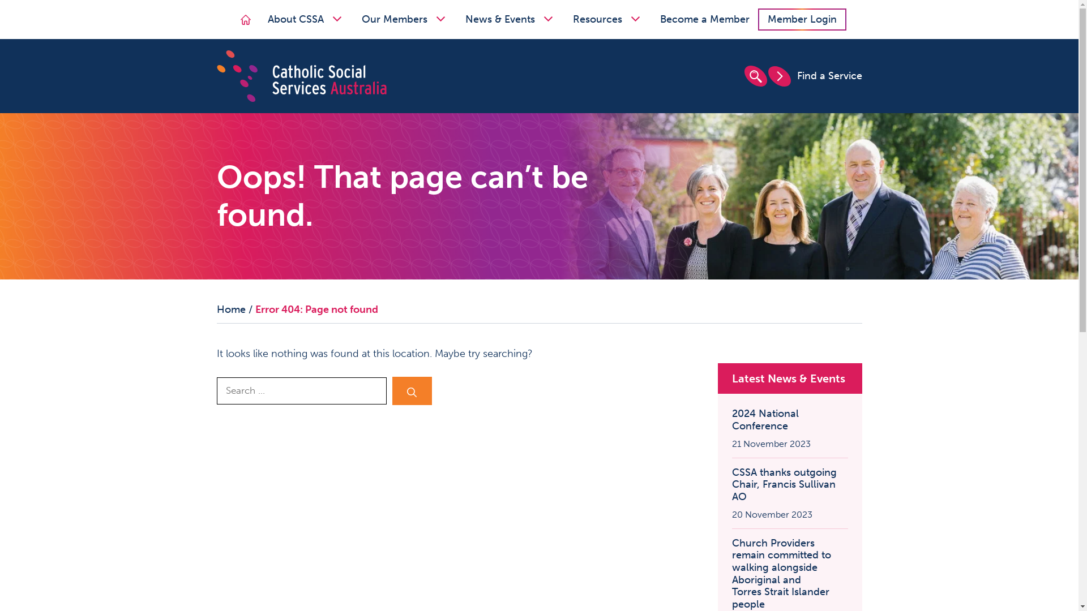 This screenshot has height=611, width=1087. What do you see at coordinates (801, 19) in the screenshot?
I see `'Member Login'` at bounding box center [801, 19].